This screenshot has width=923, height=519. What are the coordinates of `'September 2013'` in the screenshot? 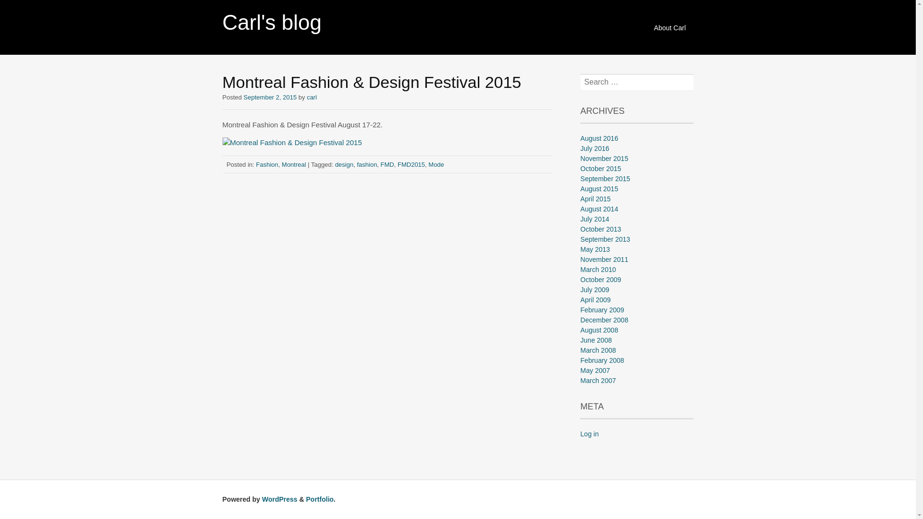 It's located at (604, 238).